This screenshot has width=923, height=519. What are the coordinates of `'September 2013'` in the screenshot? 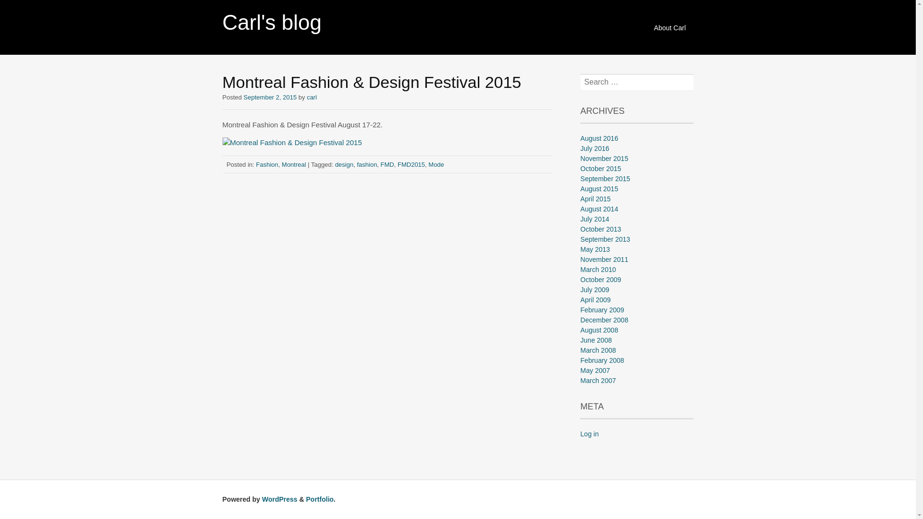 It's located at (604, 238).